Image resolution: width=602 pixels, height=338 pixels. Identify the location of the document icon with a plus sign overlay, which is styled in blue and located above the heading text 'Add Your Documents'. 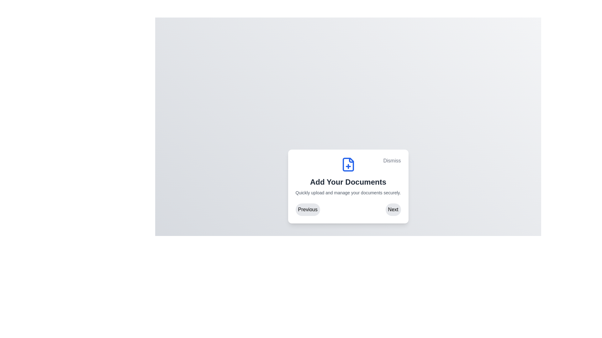
(348, 164).